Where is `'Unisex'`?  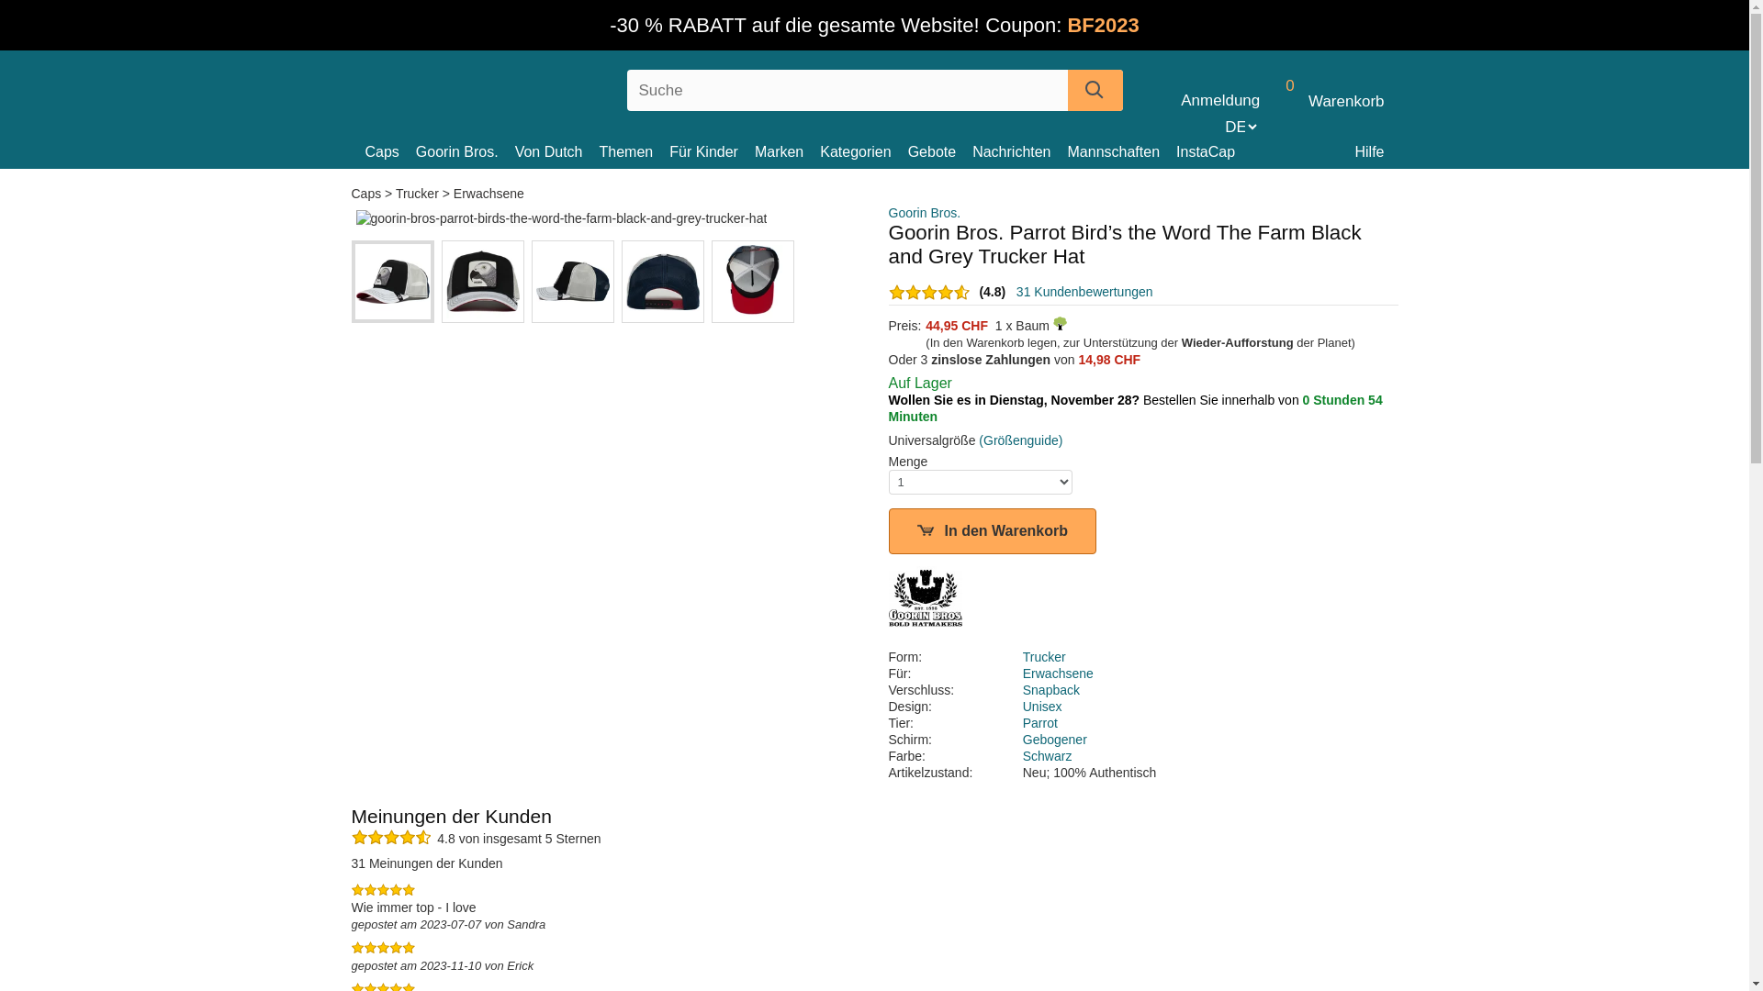
'Unisex' is located at coordinates (1021, 706).